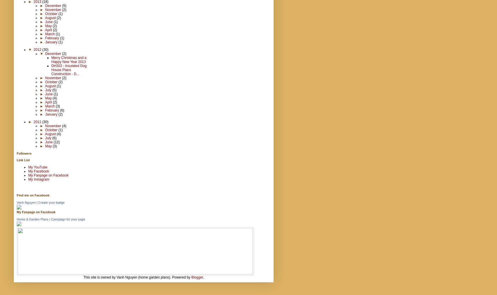 The height and width of the screenshot is (295, 497). I want to click on 'DH302 - Insulated Dog House Plans Construction - D...', so click(69, 69).